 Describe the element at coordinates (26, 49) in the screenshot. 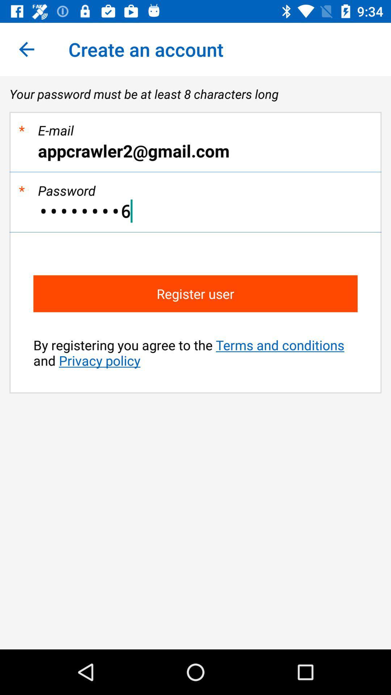

I see `item next to the create an account app` at that location.